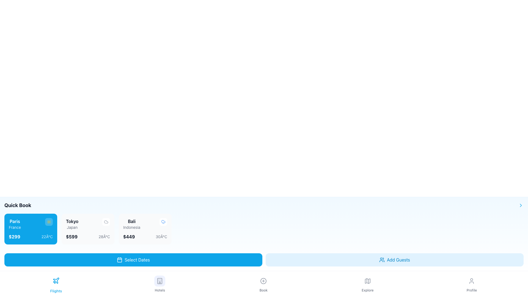  What do you see at coordinates (398, 260) in the screenshot?
I see `the 'Add Guests' button, which is styled in blue and located in the lower central part of the interface, just above the navigation bar` at bounding box center [398, 260].